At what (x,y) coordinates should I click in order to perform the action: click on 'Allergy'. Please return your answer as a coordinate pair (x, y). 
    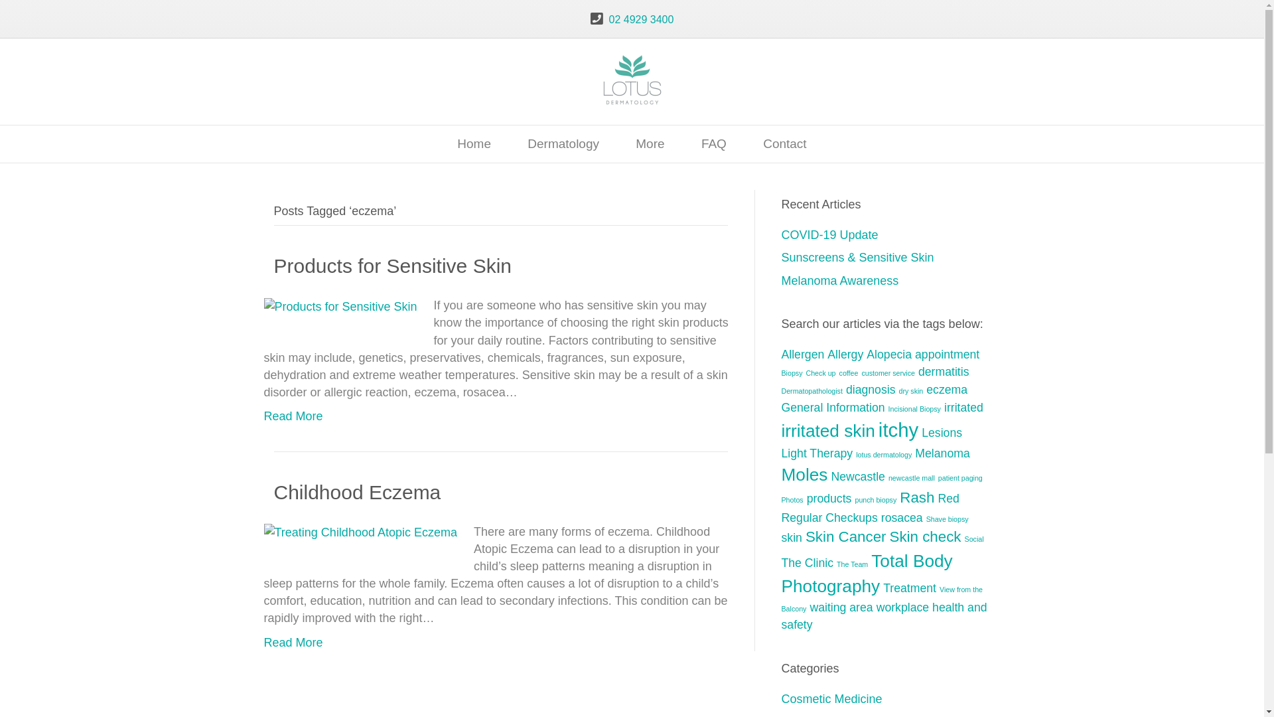
    Looking at the image, I should click on (844, 353).